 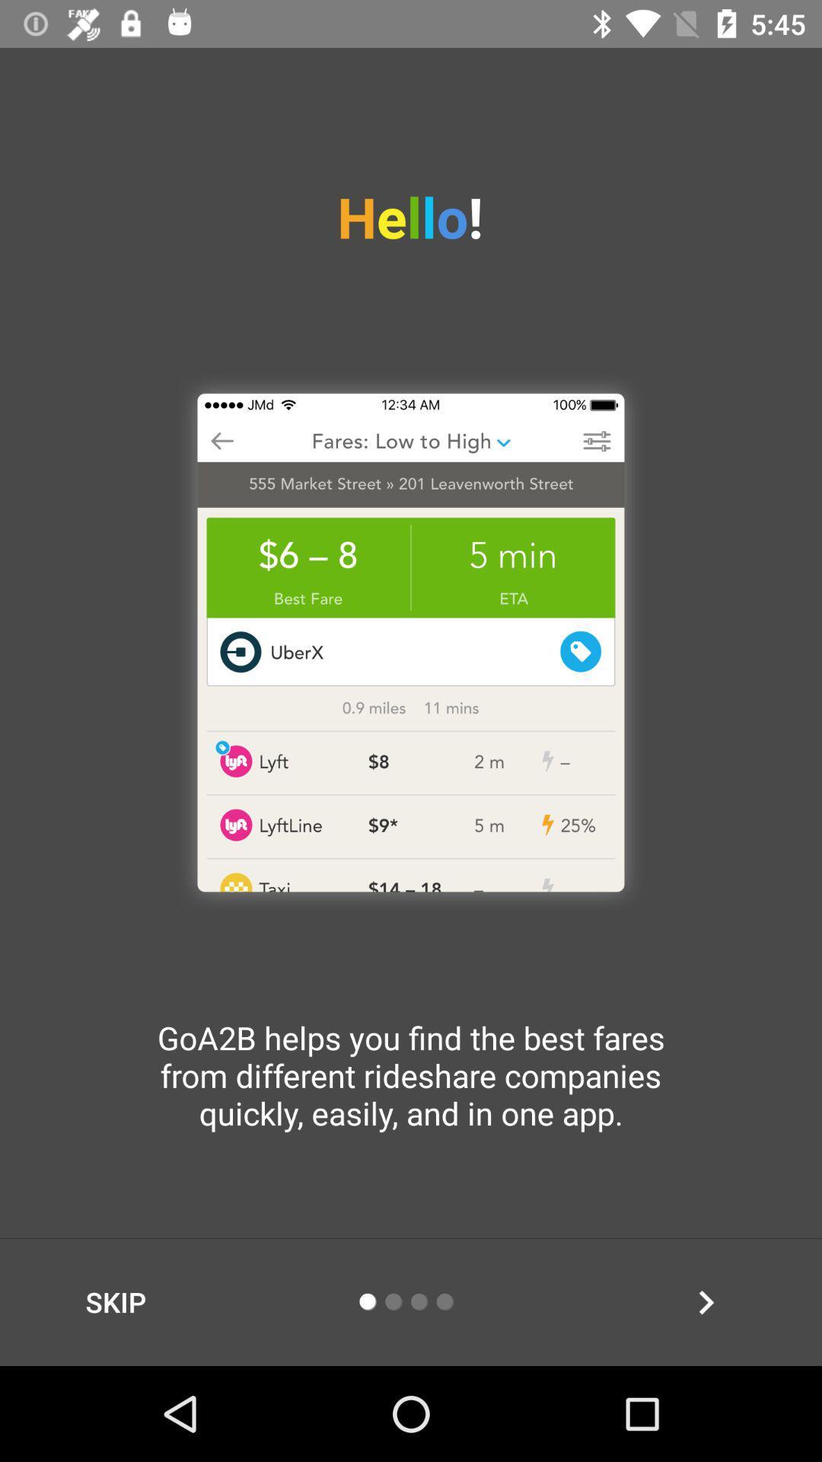 I want to click on the item at the bottom left corner, so click(x=115, y=1301).